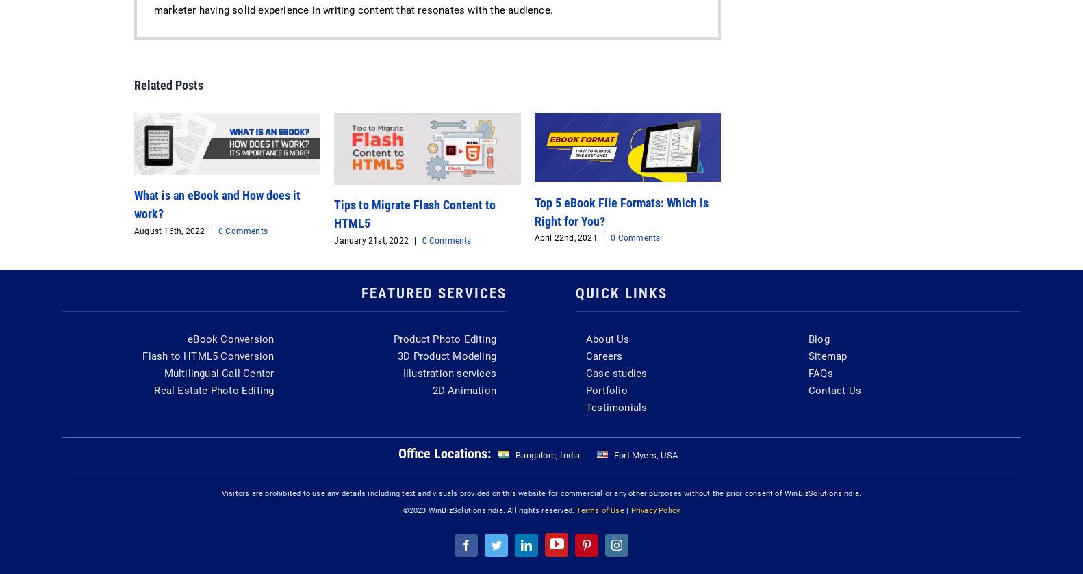 The height and width of the screenshot is (574, 1083). Describe the element at coordinates (208, 355) in the screenshot. I see `'Flash to HTML5 Conversion'` at that location.